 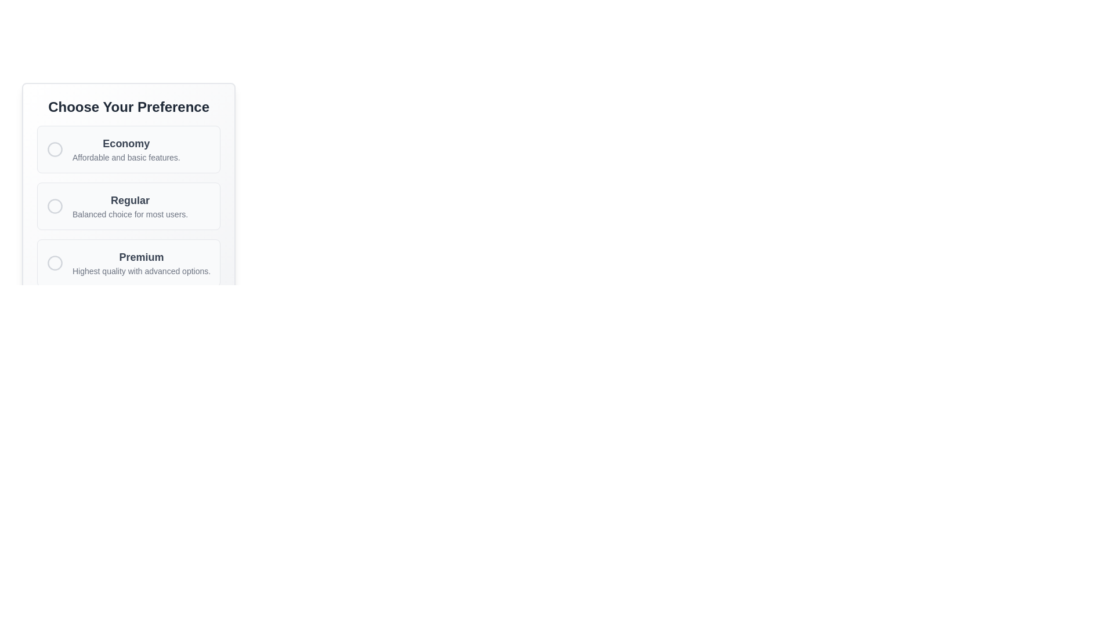 What do you see at coordinates (55, 205) in the screenshot?
I see `the Radio Button Outline that indicates the 'Regular' option in the preference selection interface` at bounding box center [55, 205].